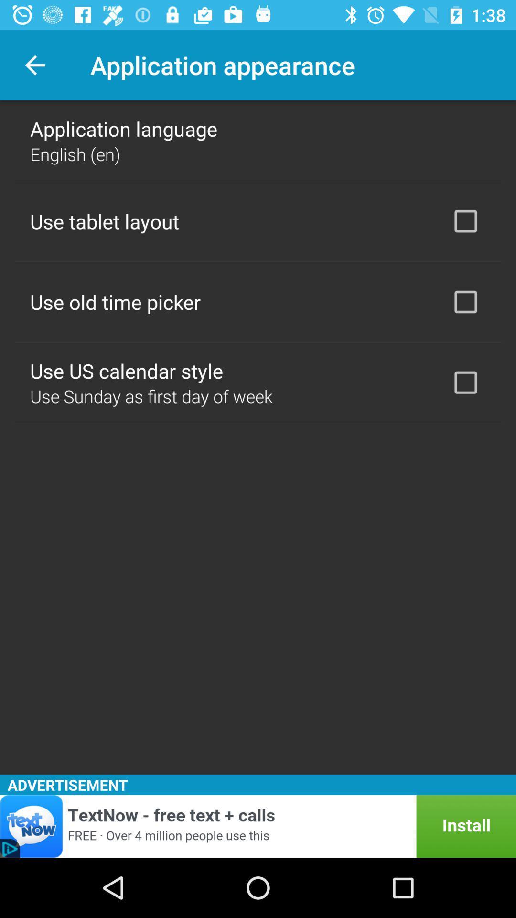 This screenshot has width=516, height=918. What do you see at coordinates (34, 65) in the screenshot?
I see `item at the top left corner` at bounding box center [34, 65].